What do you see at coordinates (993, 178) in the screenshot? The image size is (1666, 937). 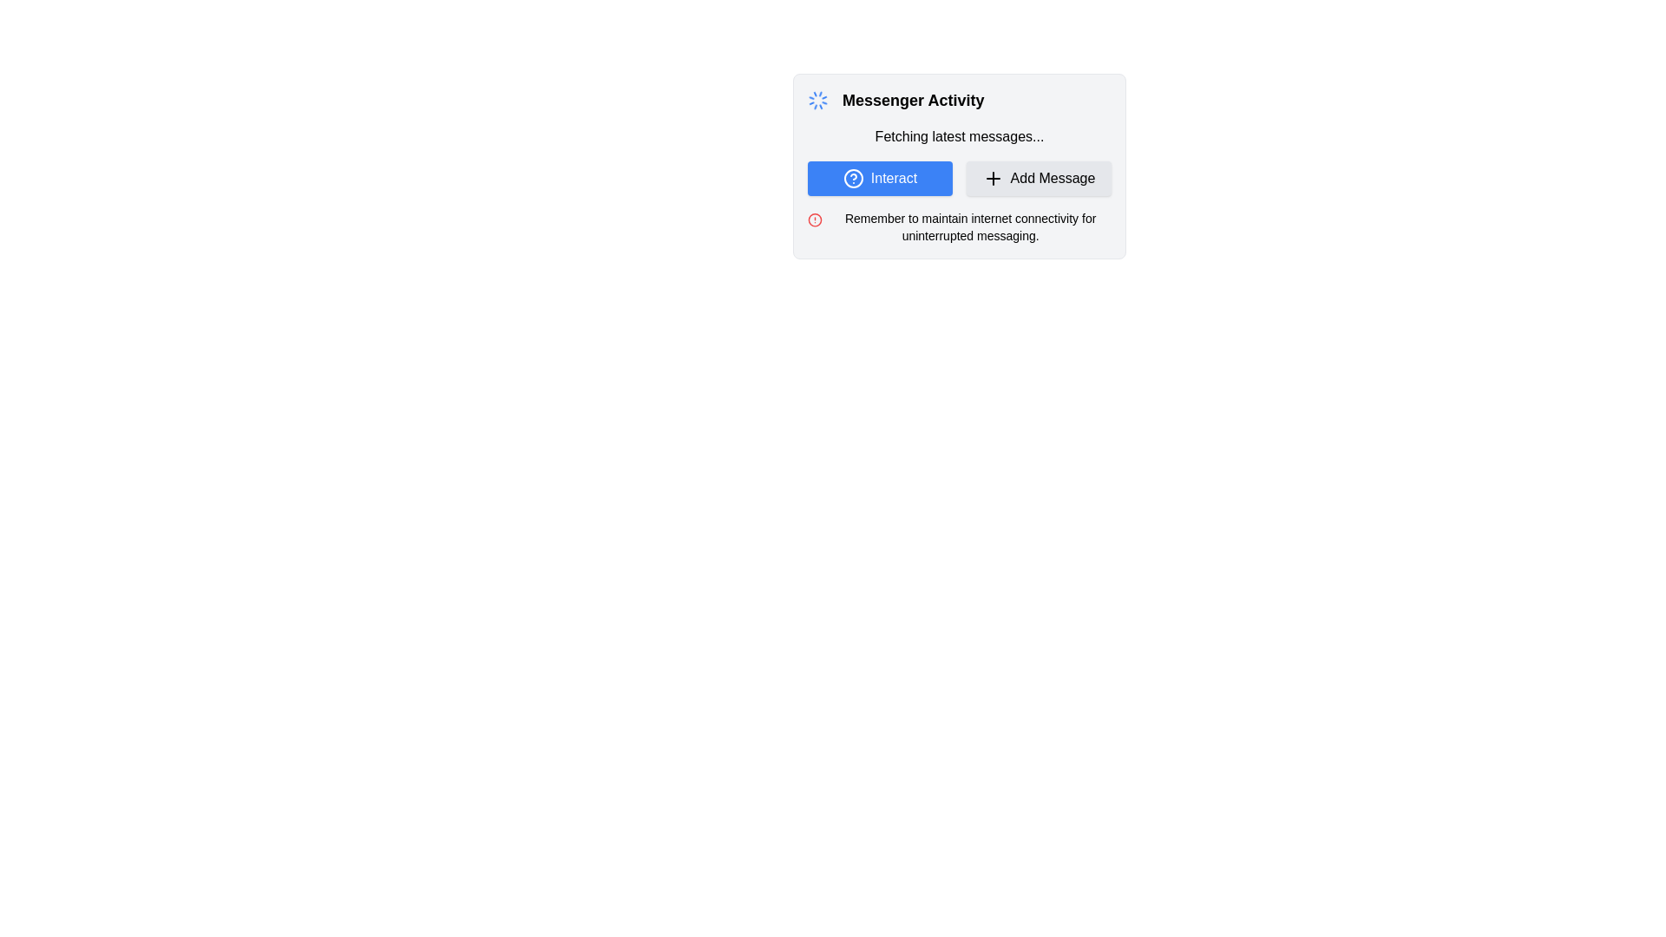 I see `the graphical representation of the plus sign icon located inside the 'Add Message' button, which is adjacent to the text and indicates the action of adding or creating something` at bounding box center [993, 178].